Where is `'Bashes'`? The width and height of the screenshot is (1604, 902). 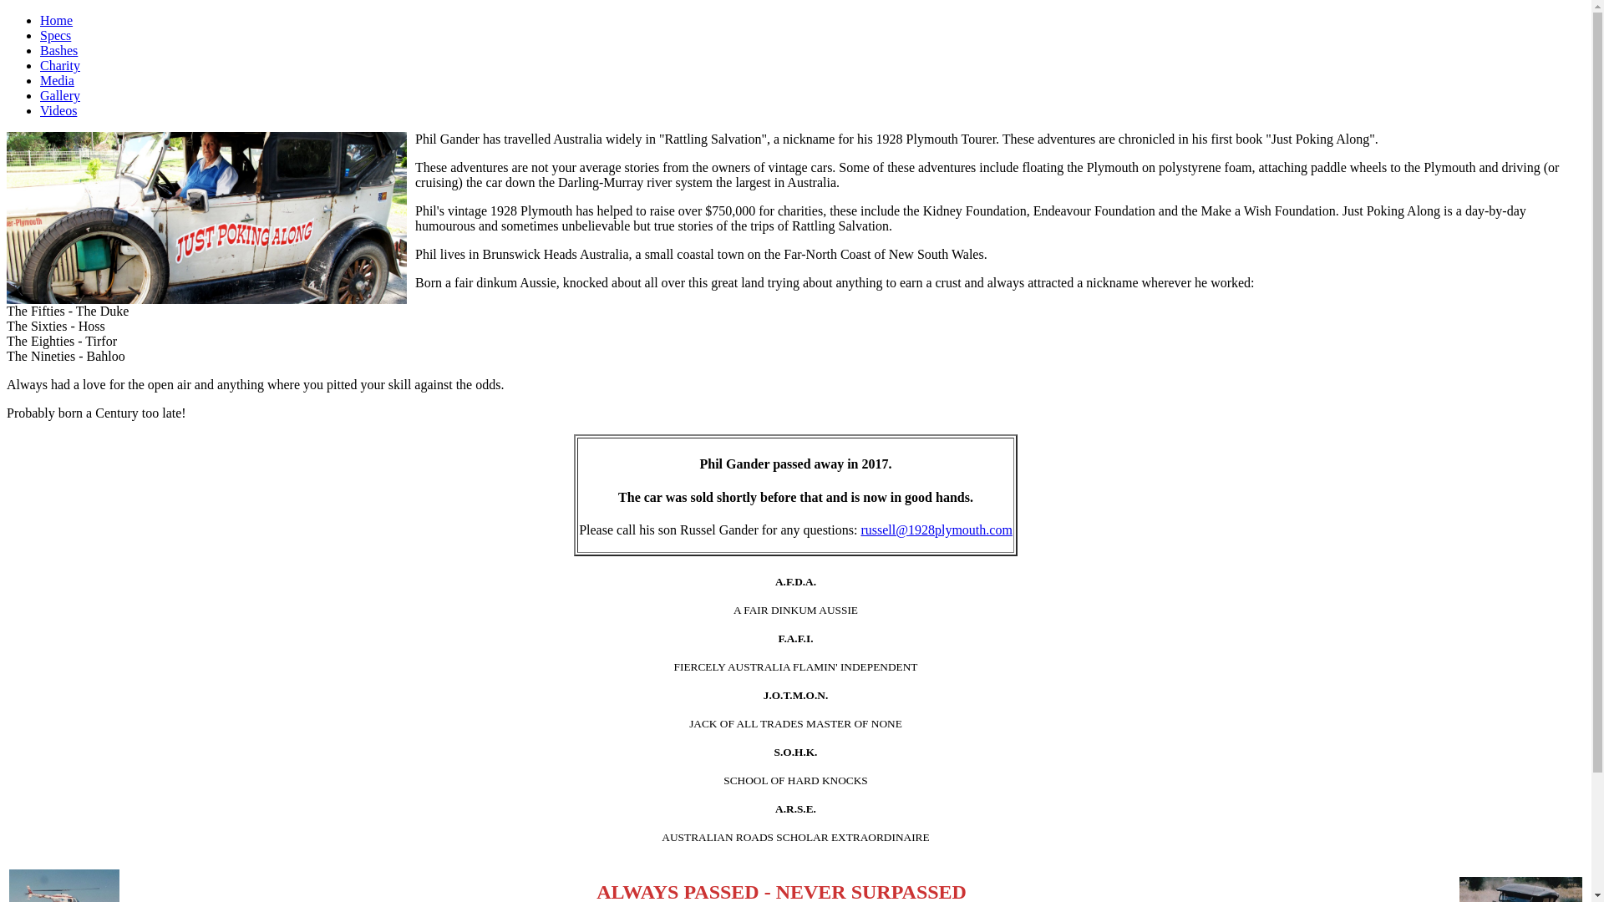
'Bashes' is located at coordinates (58, 49).